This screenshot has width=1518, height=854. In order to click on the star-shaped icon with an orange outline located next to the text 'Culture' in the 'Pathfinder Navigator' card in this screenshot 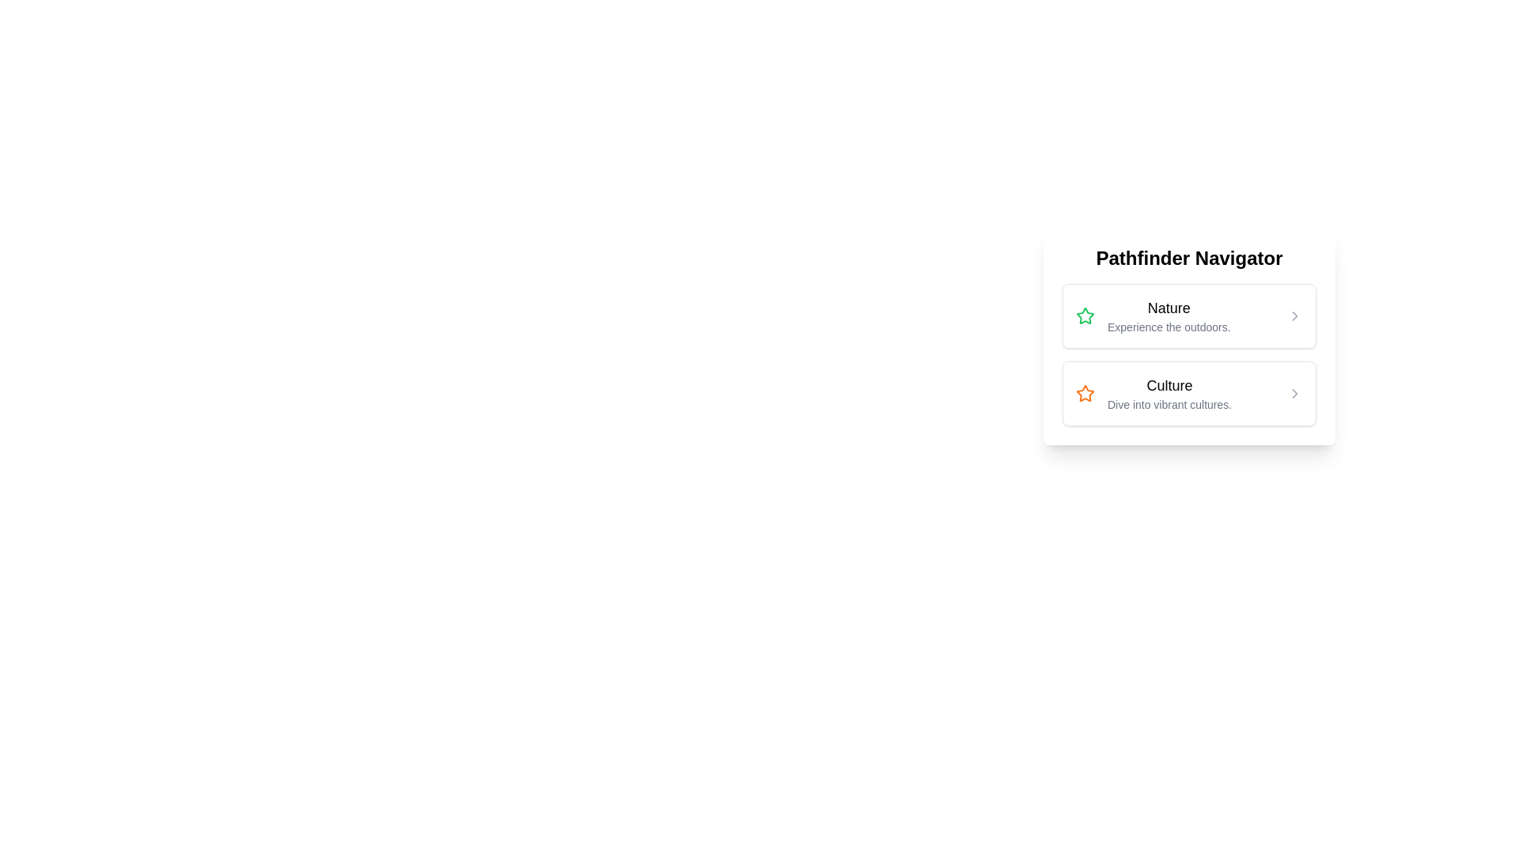, I will do `click(1084, 392)`.